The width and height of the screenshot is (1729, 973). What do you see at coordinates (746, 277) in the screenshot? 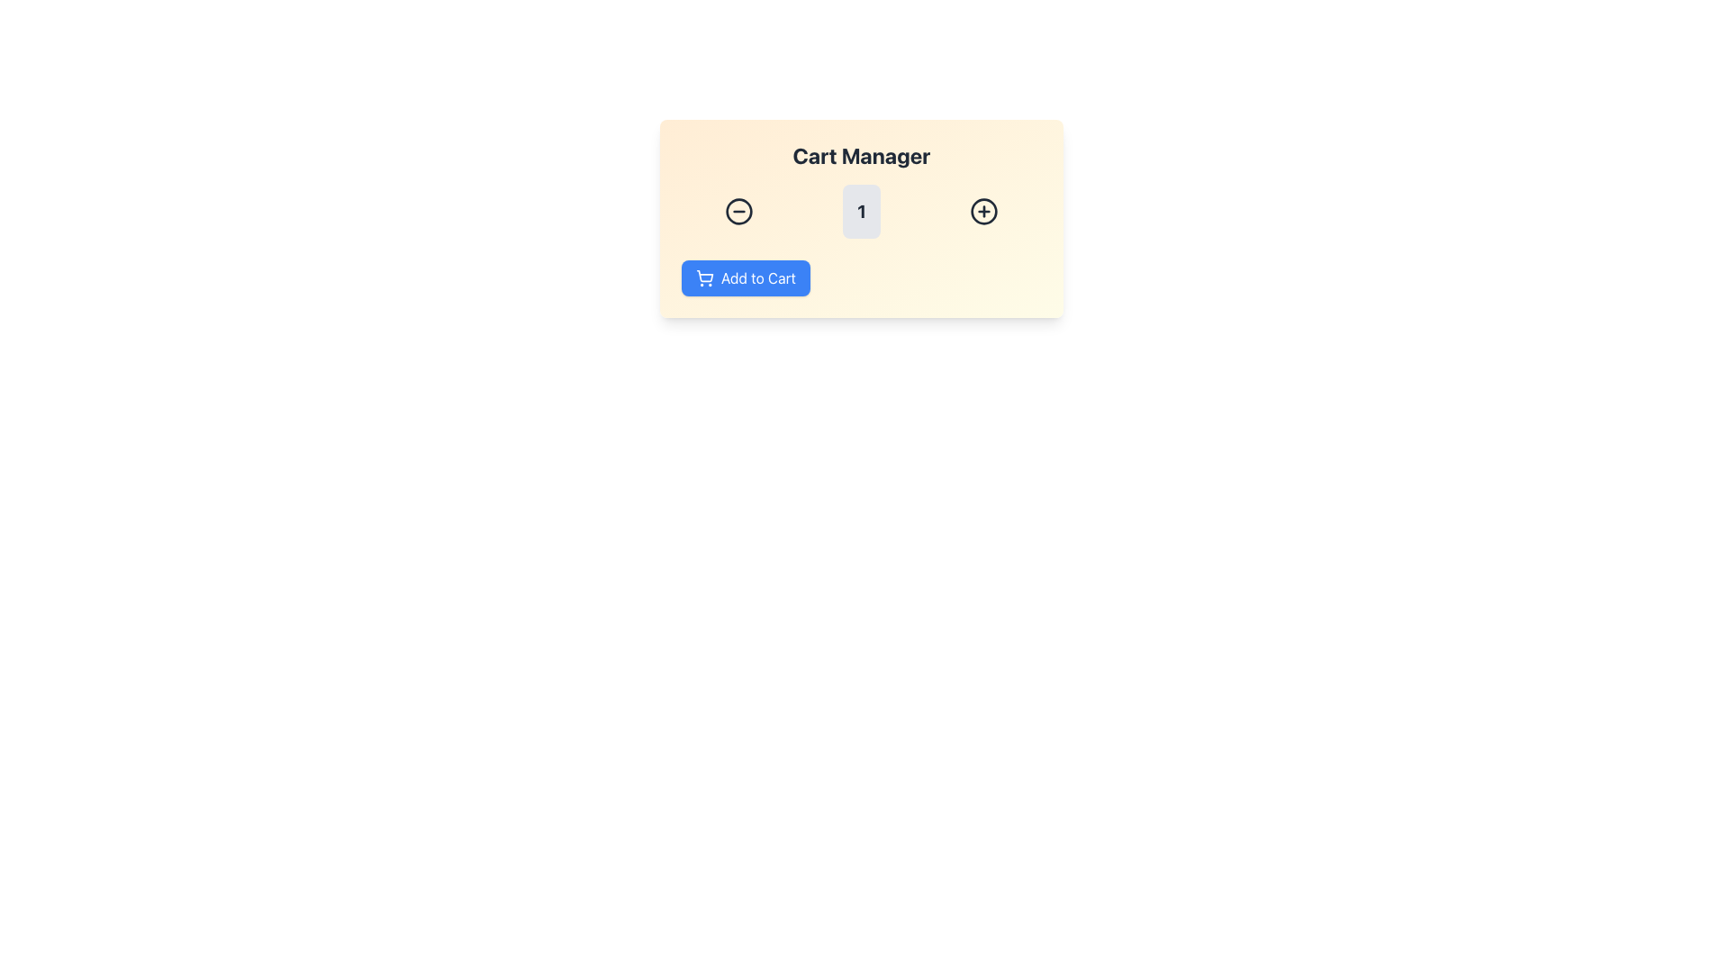
I see `the button located in the lower-left region of the 'Cart Manager' UI component` at bounding box center [746, 277].